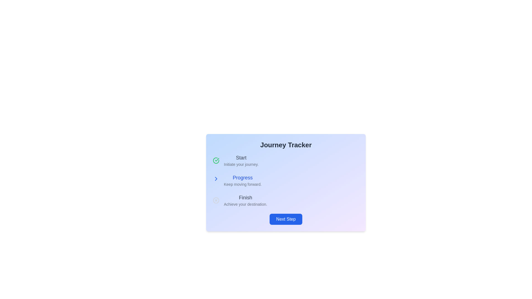  Describe the element at coordinates (216, 160) in the screenshot. I see `the completion icon for the 'Start' step, which is located at the top-left of the sequence and precedes the text 'Start'` at that location.